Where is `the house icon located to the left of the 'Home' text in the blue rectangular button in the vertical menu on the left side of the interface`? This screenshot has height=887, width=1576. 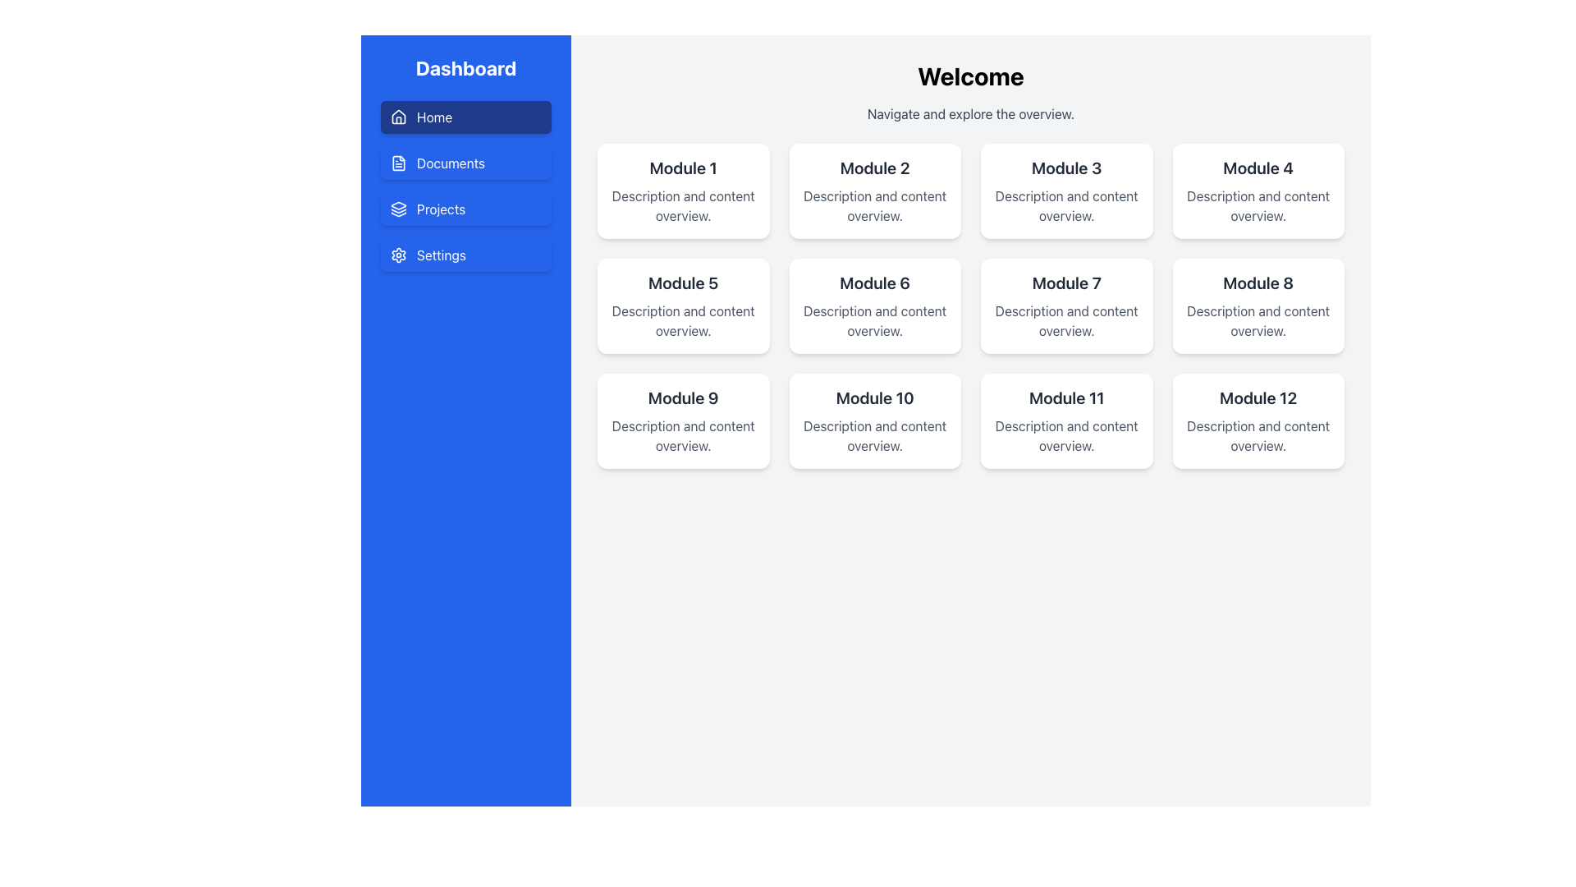 the house icon located to the left of the 'Home' text in the blue rectangular button in the vertical menu on the left side of the interface is located at coordinates (398, 116).